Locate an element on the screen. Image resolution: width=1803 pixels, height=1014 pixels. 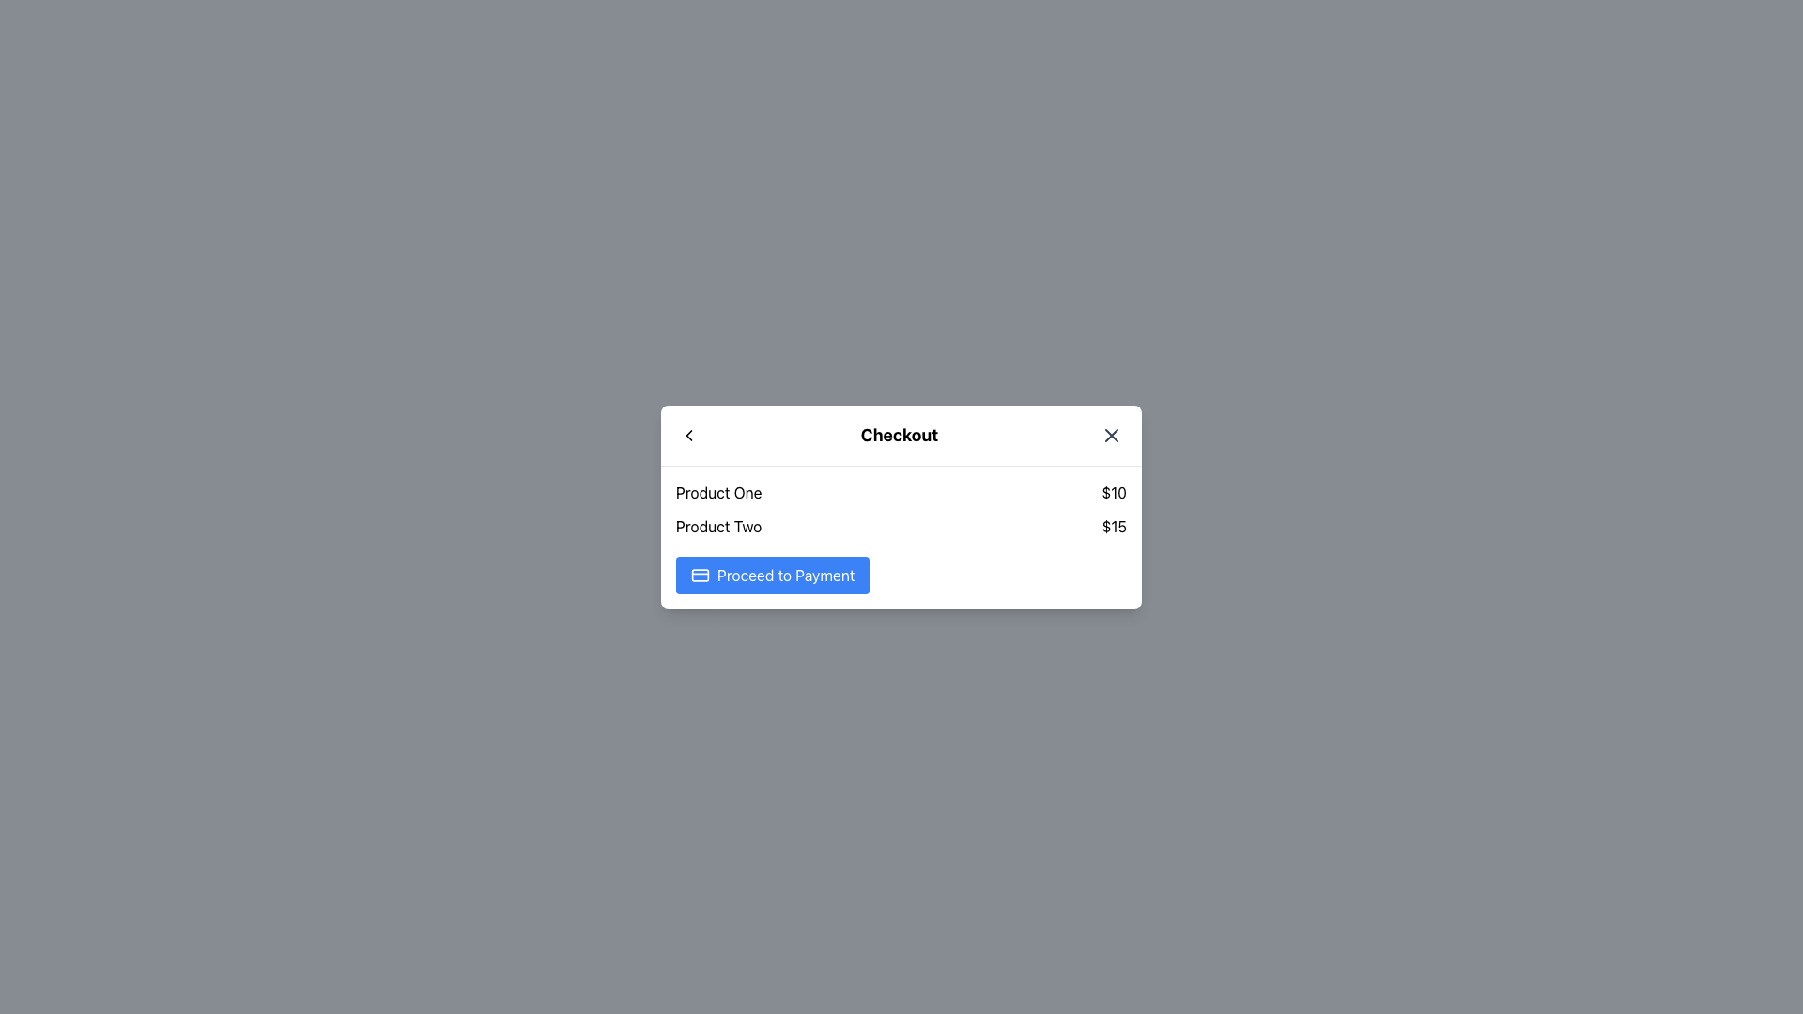
the bold, large-sized 'Checkout' text located at the top center of the navigation bar, between the back arrow and close icon is located at coordinates (899, 435).